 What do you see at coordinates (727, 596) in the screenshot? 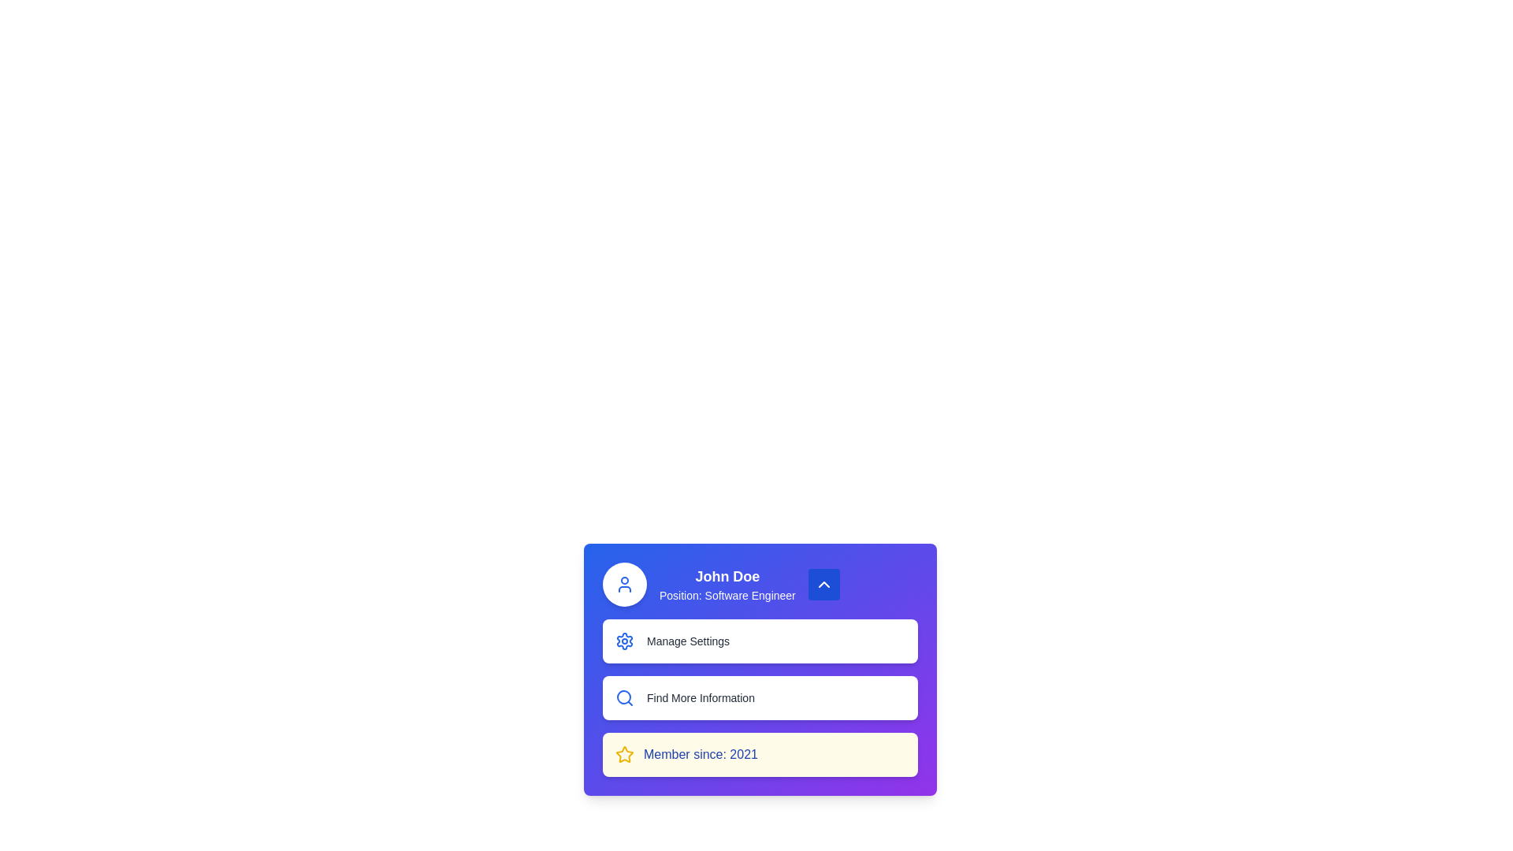
I see `the non-interactive text label providing additional information about the user's occupation, located directly beneath the 'John Doe' text` at bounding box center [727, 596].